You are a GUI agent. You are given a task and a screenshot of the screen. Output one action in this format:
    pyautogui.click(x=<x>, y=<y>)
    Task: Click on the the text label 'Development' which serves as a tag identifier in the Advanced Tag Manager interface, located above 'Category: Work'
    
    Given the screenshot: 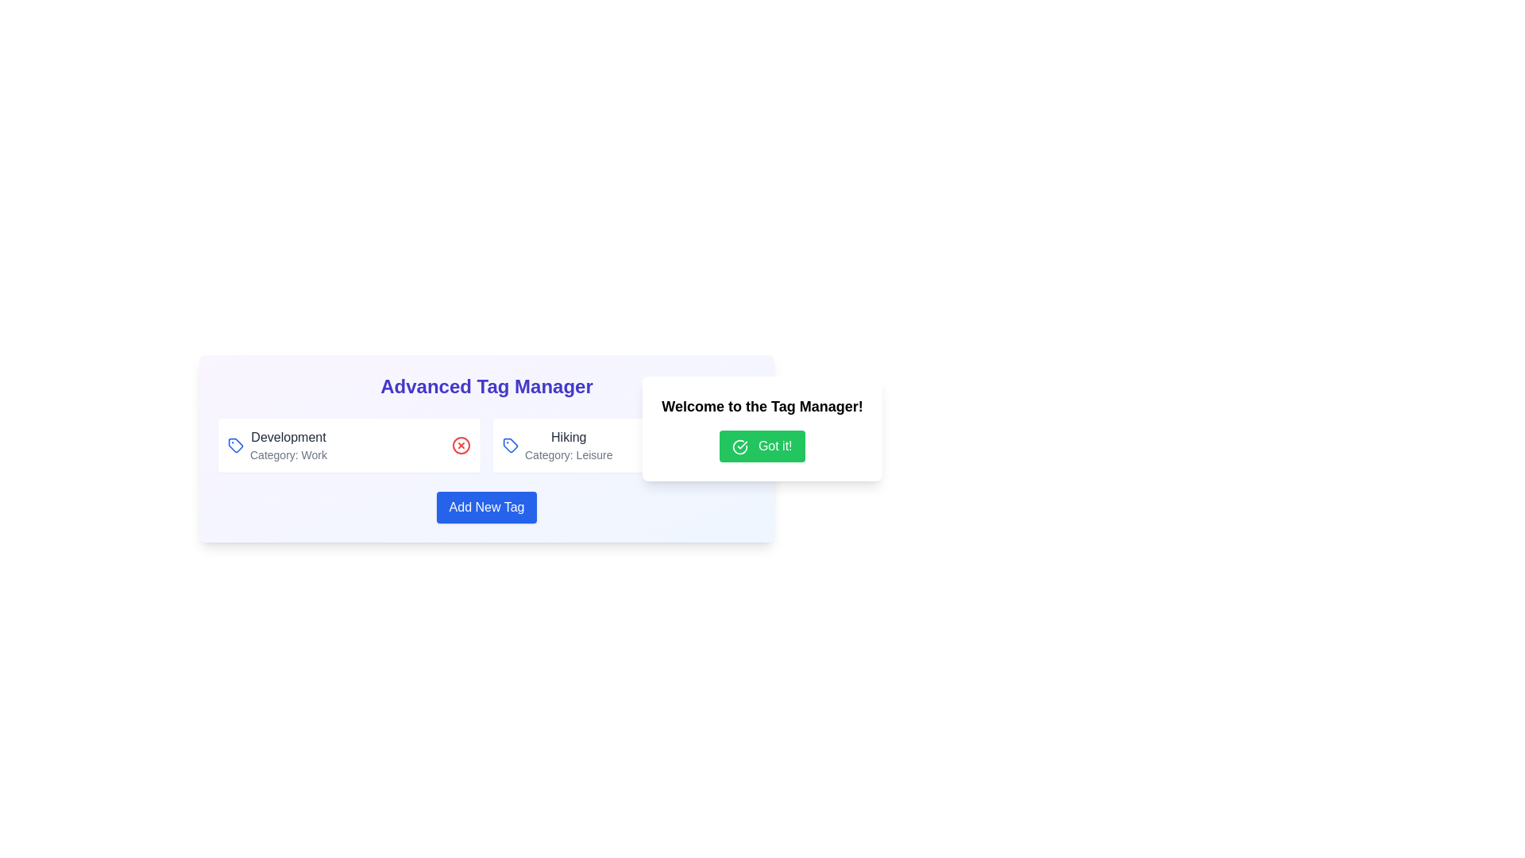 What is the action you would take?
    pyautogui.click(x=288, y=438)
    